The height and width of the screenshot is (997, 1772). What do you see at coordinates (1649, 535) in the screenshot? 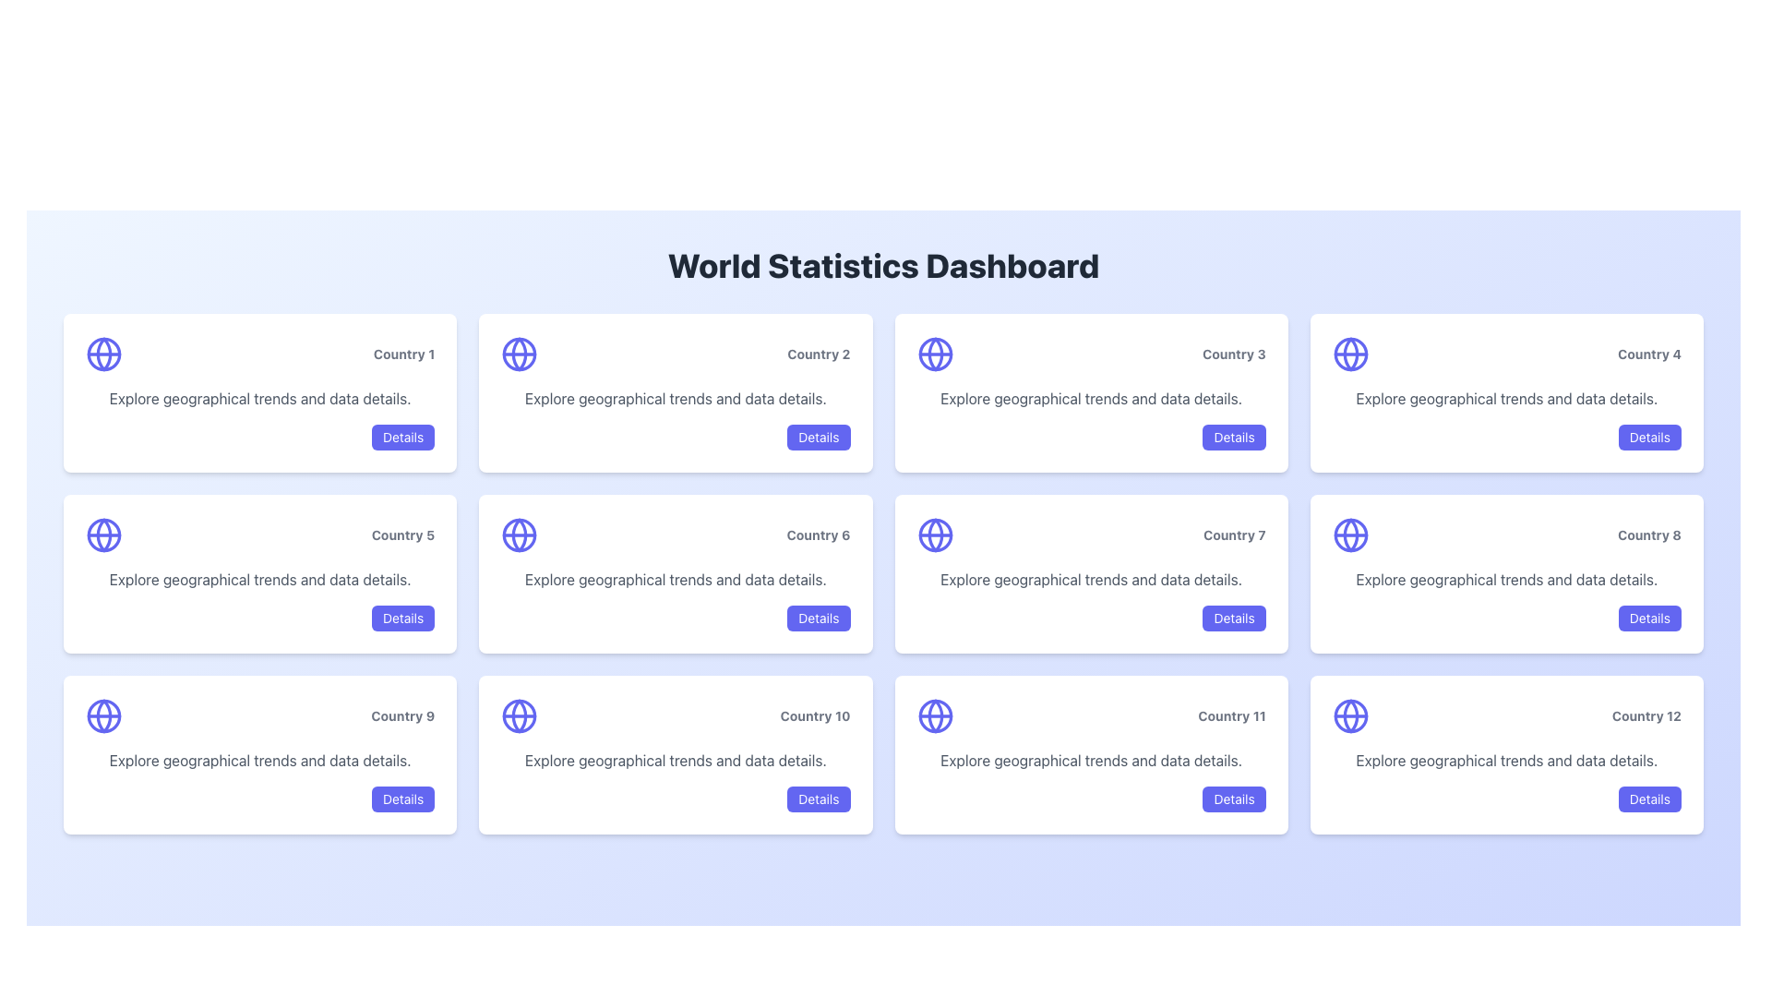
I see `the static text label displaying 'Country 8', which is located in the top-right corner of the card in the second row, fourth column of the grid layout` at bounding box center [1649, 535].